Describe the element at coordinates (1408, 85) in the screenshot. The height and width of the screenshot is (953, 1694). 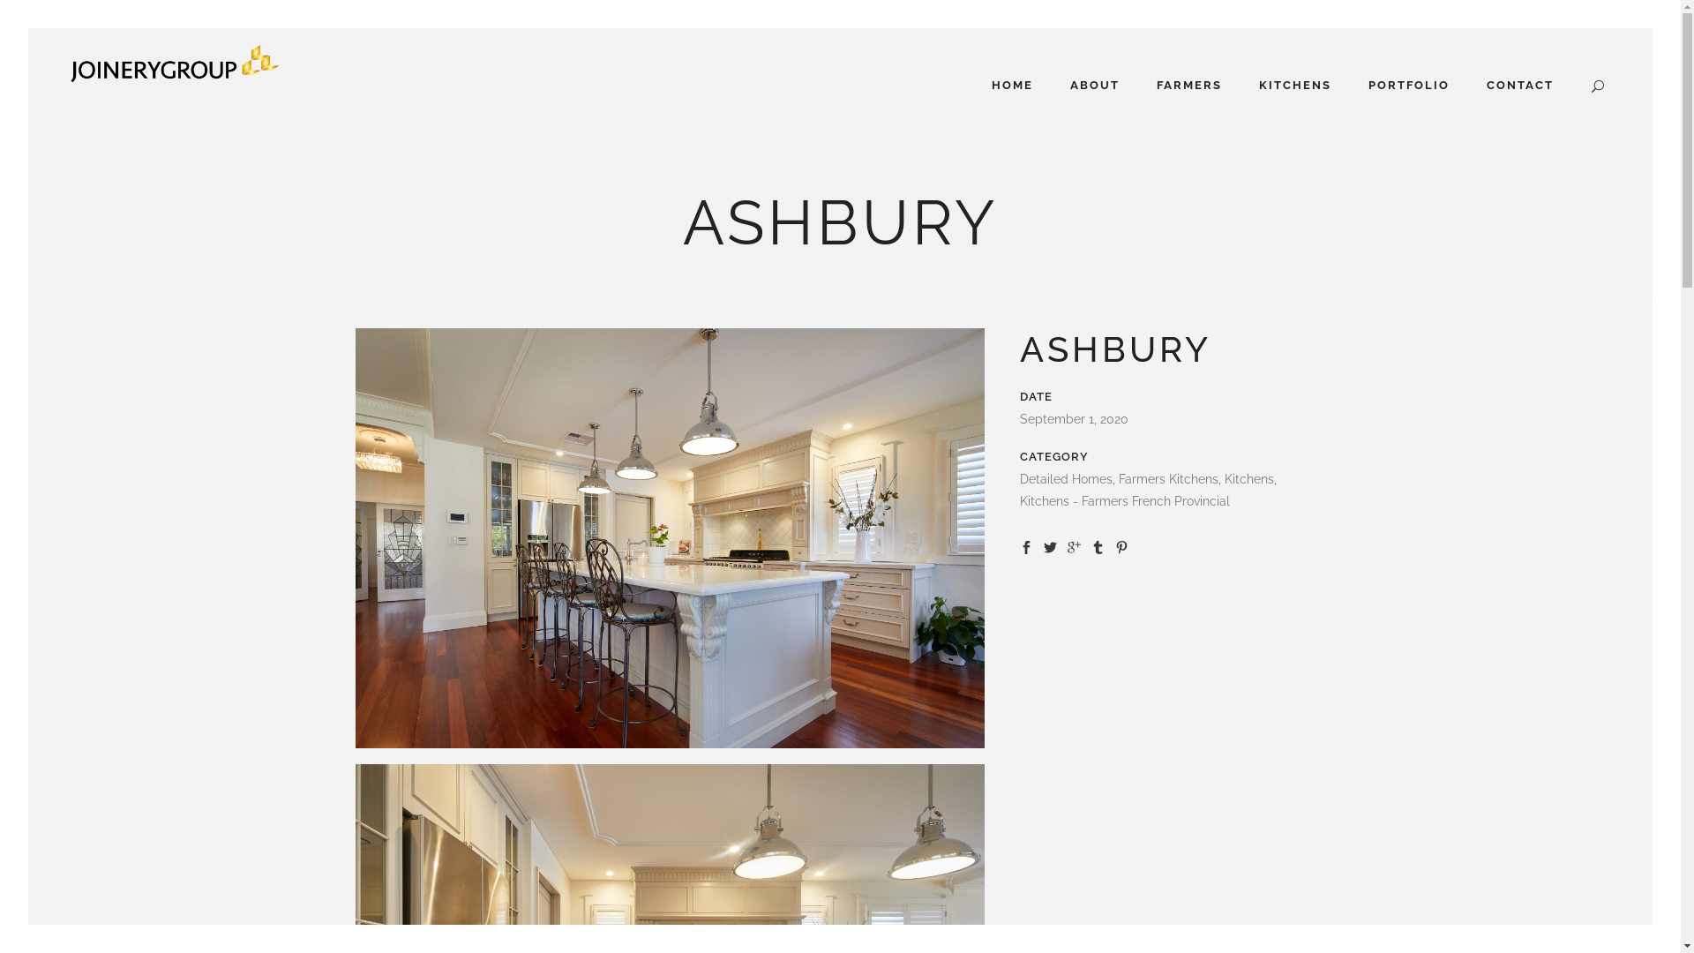
I see `'PORTFOLIO'` at that location.